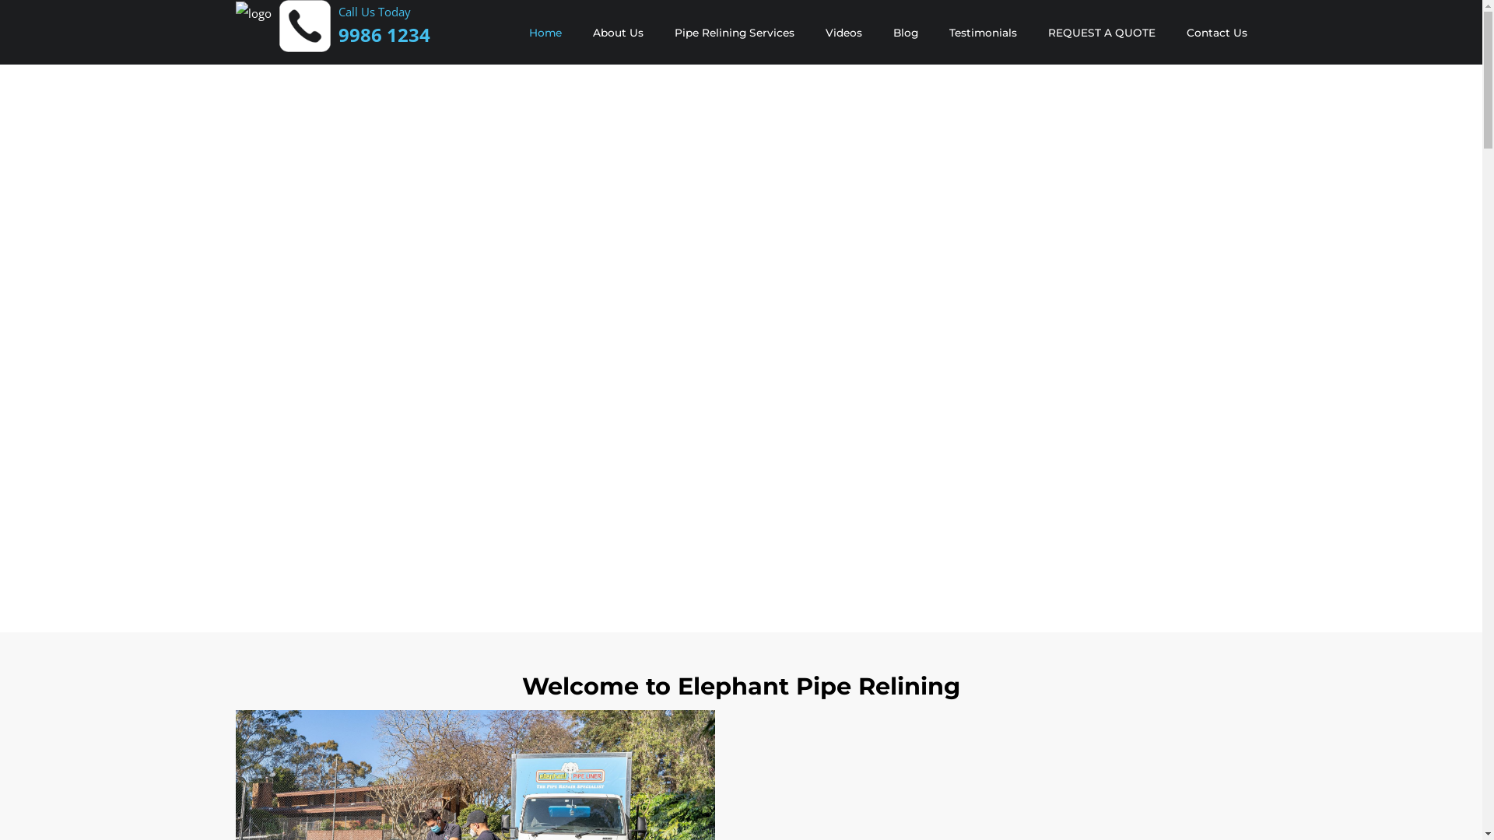 This screenshot has height=840, width=1494. I want to click on 'Contact Us', so click(1215, 33).